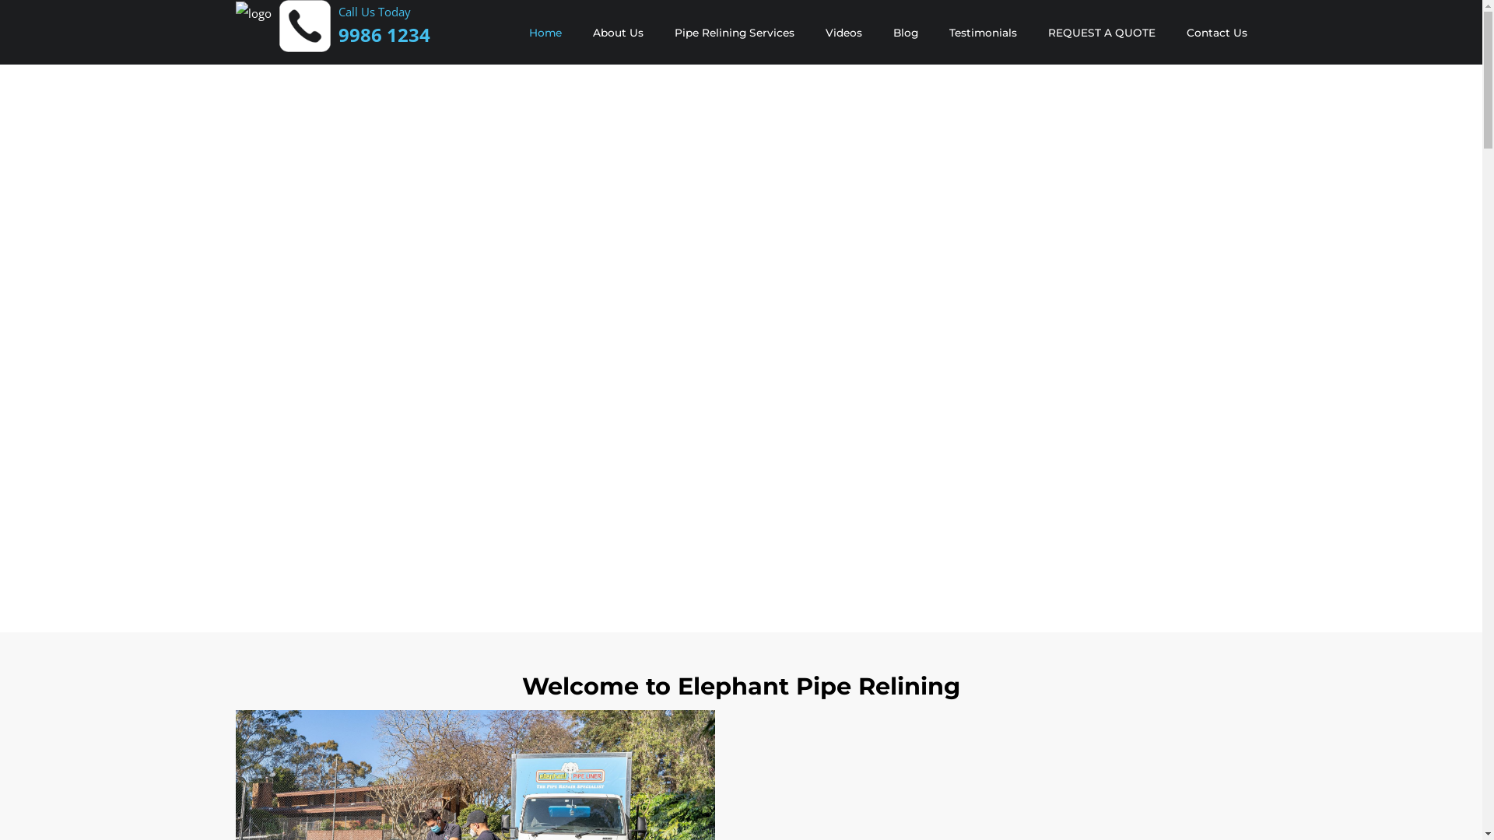 This screenshot has height=840, width=1494. I want to click on 'Contact Us', so click(1215, 33).